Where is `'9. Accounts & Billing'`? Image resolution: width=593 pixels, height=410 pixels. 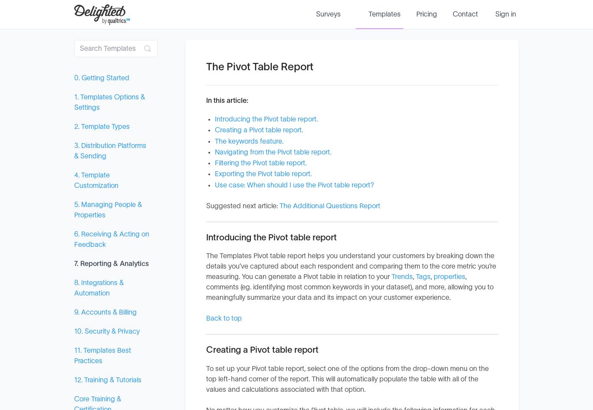
'9. Accounts & Billing' is located at coordinates (105, 312).